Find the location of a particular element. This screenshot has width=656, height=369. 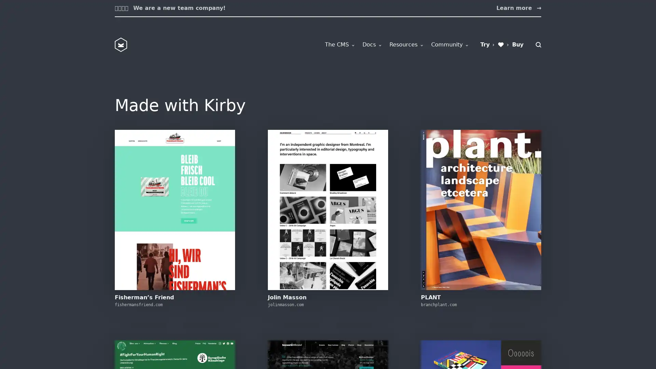

Search is located at coordinates (538, 45).